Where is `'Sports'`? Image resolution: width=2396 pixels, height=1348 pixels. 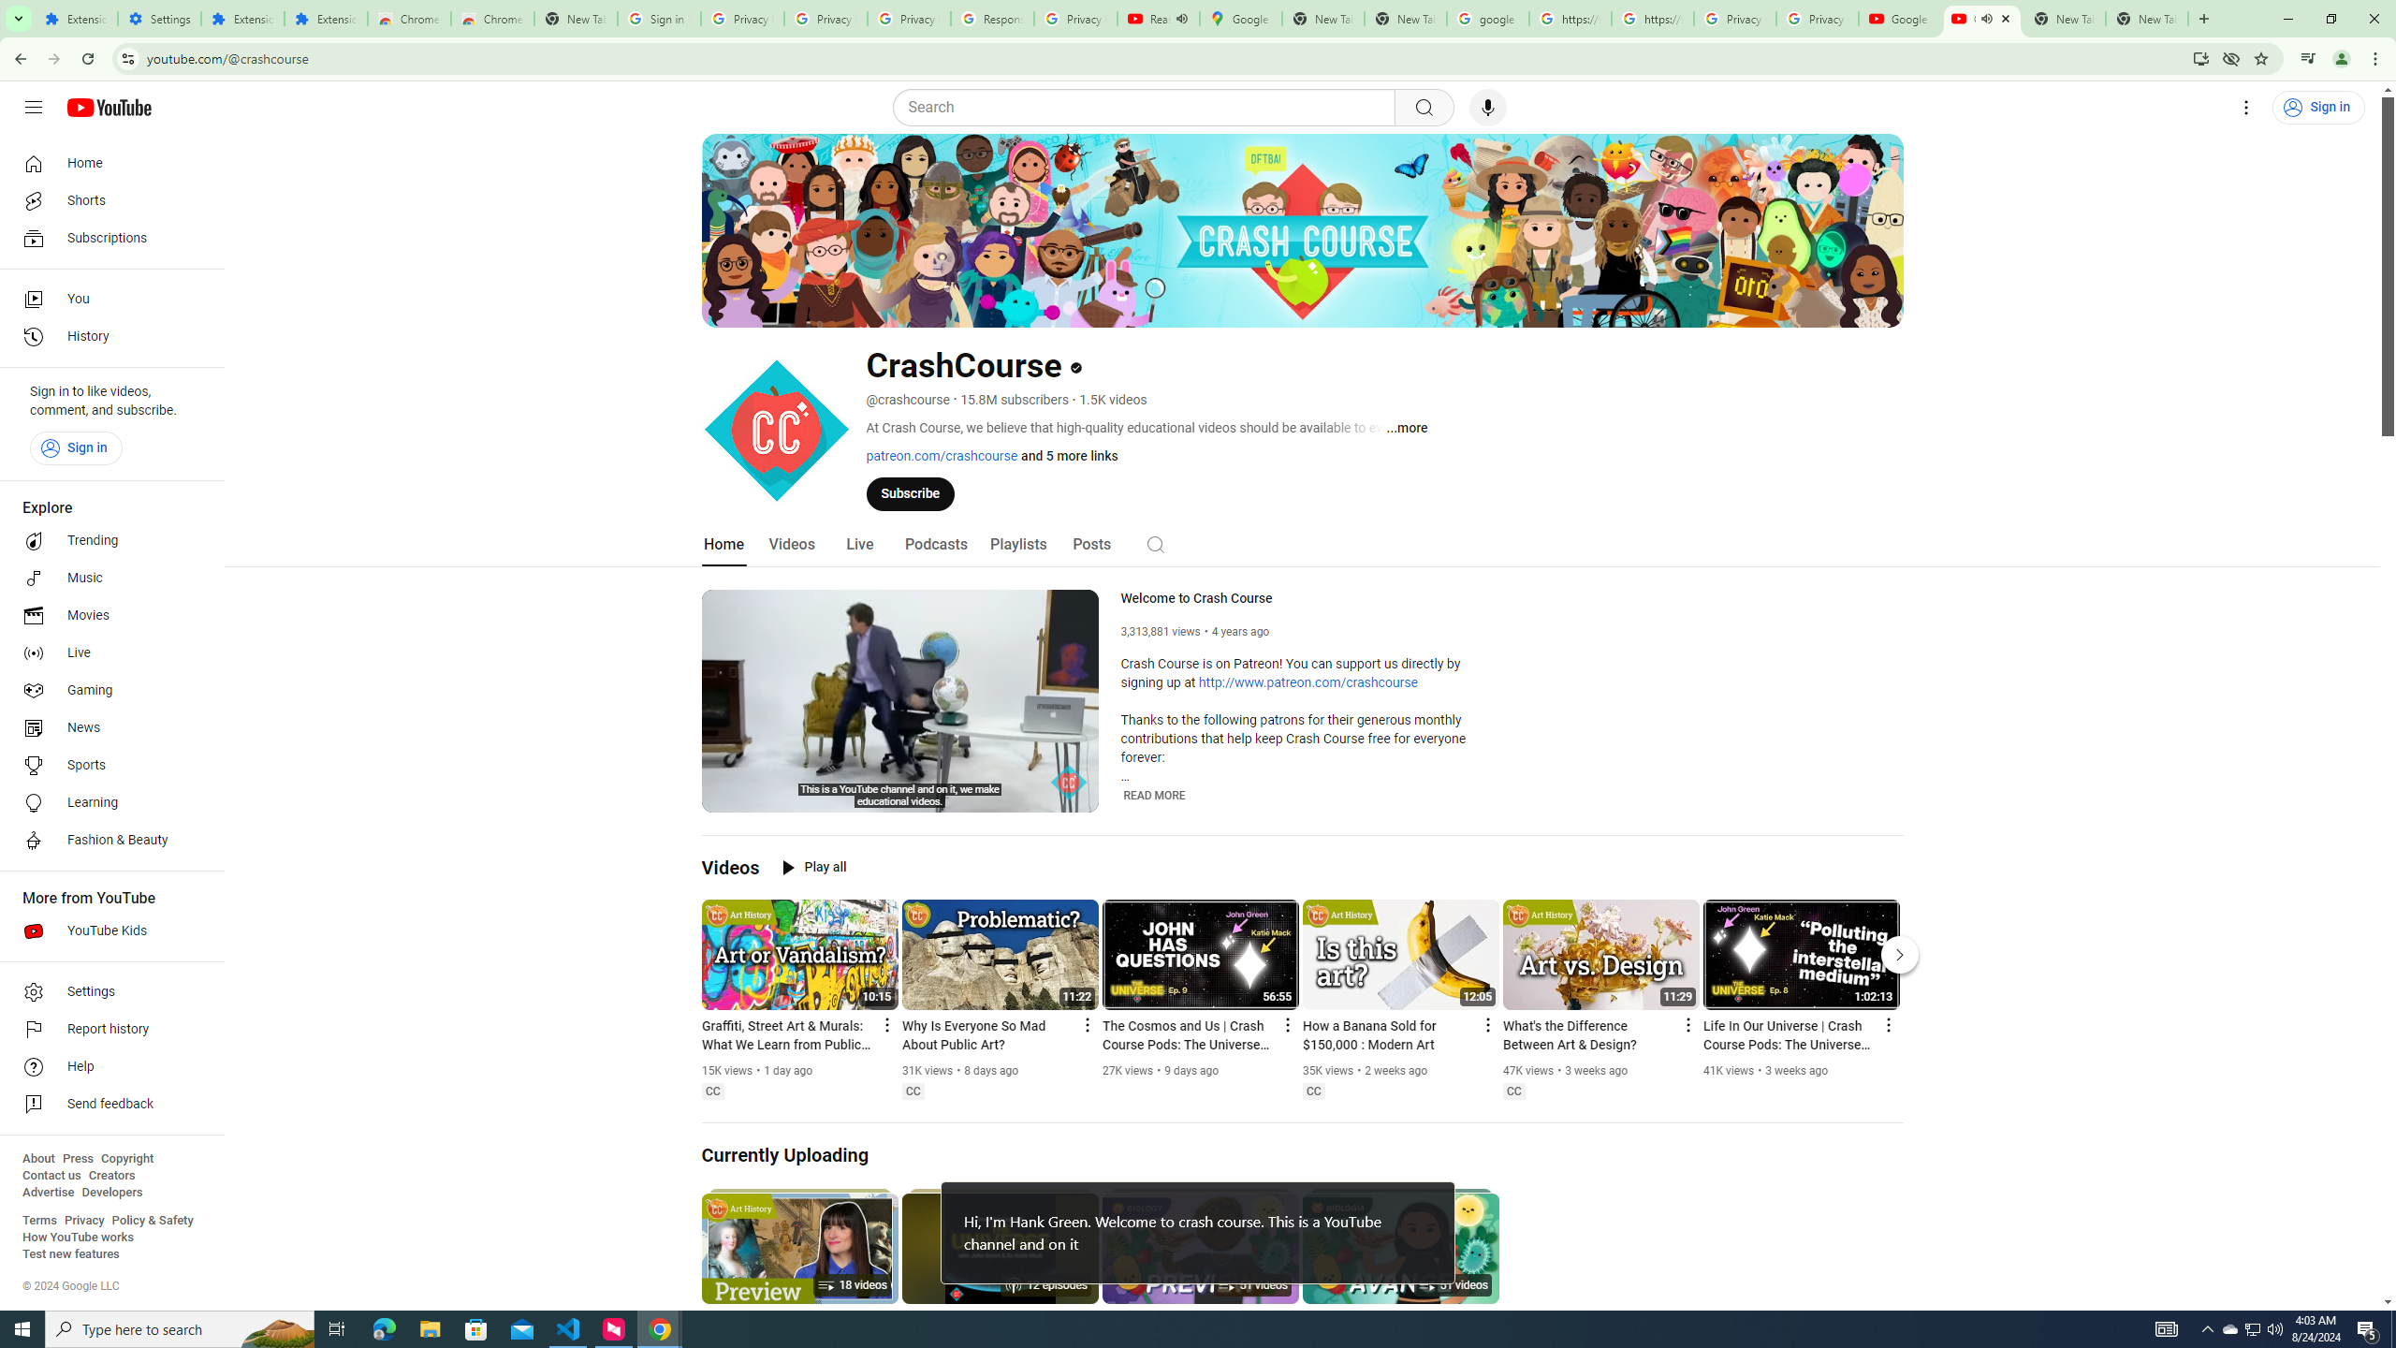 'Sports' is located at coordinates (106, 764).